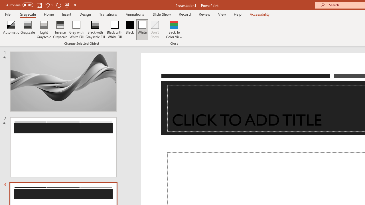  Describe the element at coordinates (155, 30) in the screenshot. I see `'Don'` at that location.